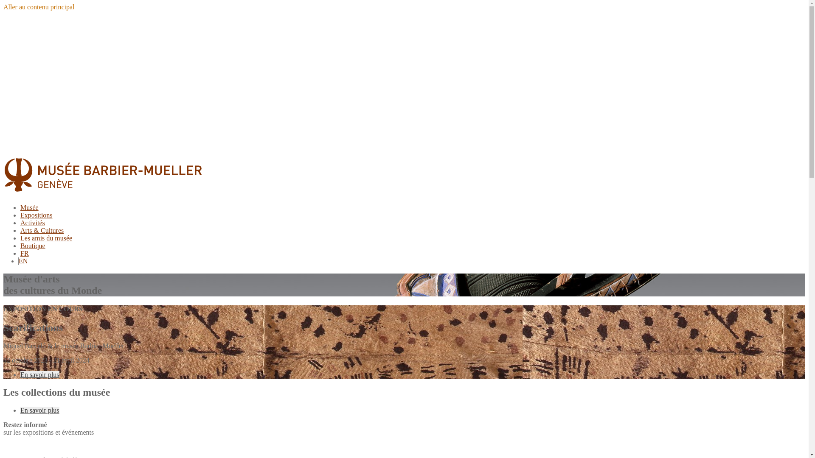 The height and width of the screenshot is (458, 815). What do you see at coordinates (33, 246) in the screenshot?
I see `'Boutique'` at bounding box center [33, 246].